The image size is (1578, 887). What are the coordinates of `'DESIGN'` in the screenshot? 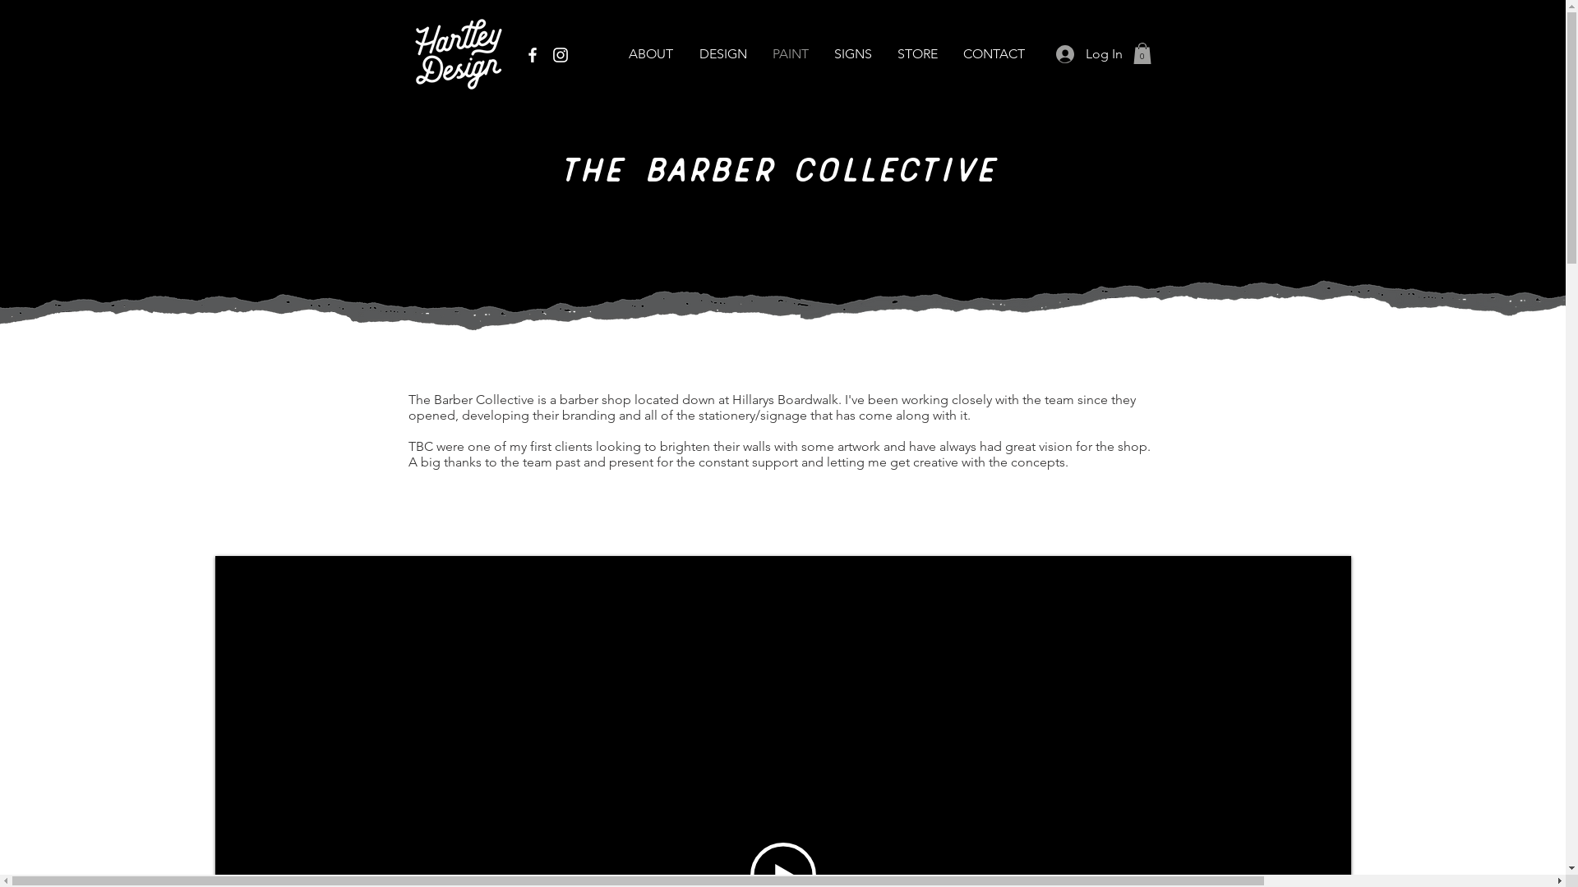 It's located at (722, 53).